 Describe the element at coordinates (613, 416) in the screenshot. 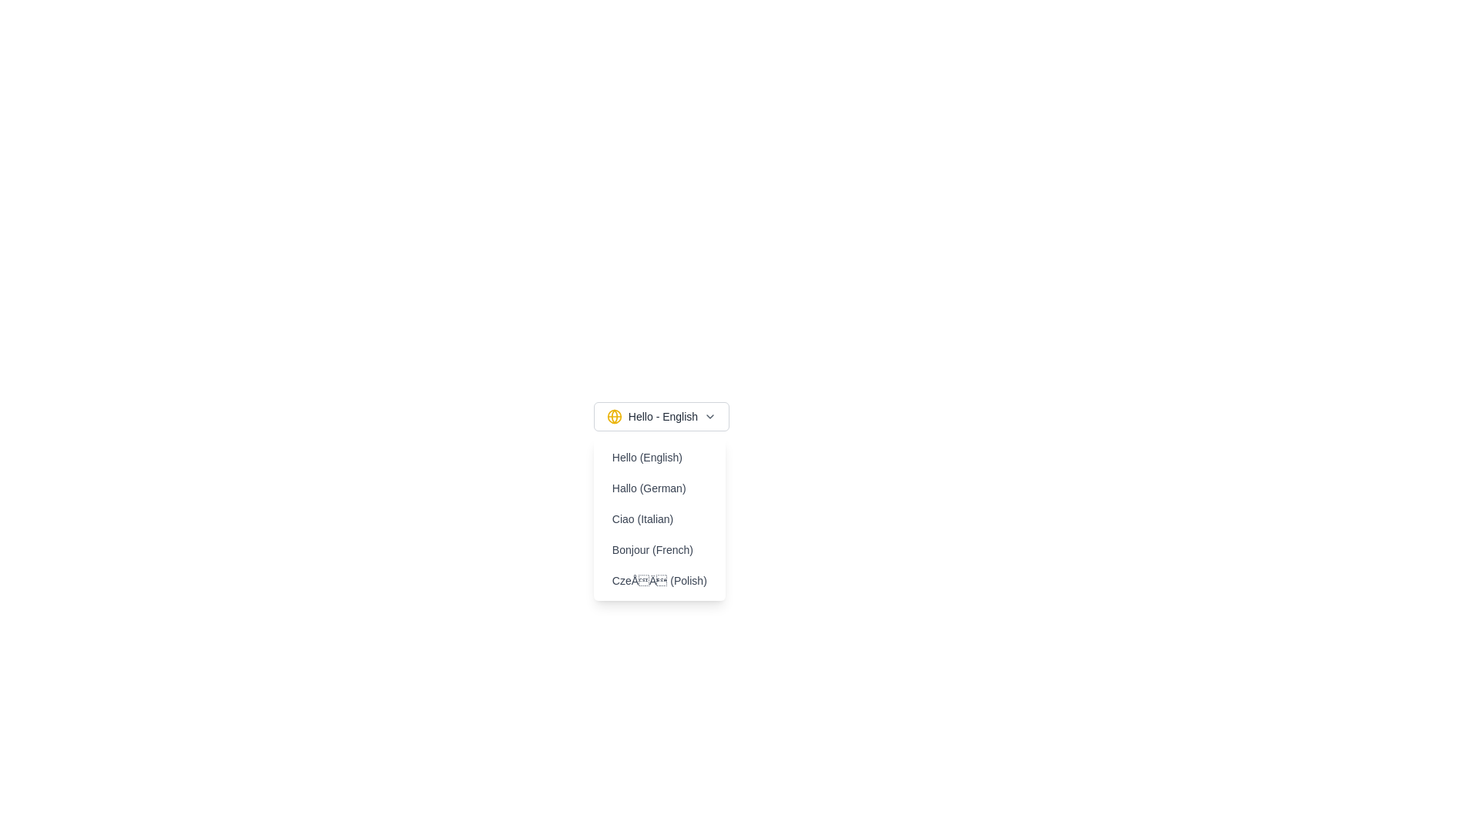

I see `the circular outline located inside the globe icon that precedes the 'Hello - English' label in the dropdown menu` at that location.